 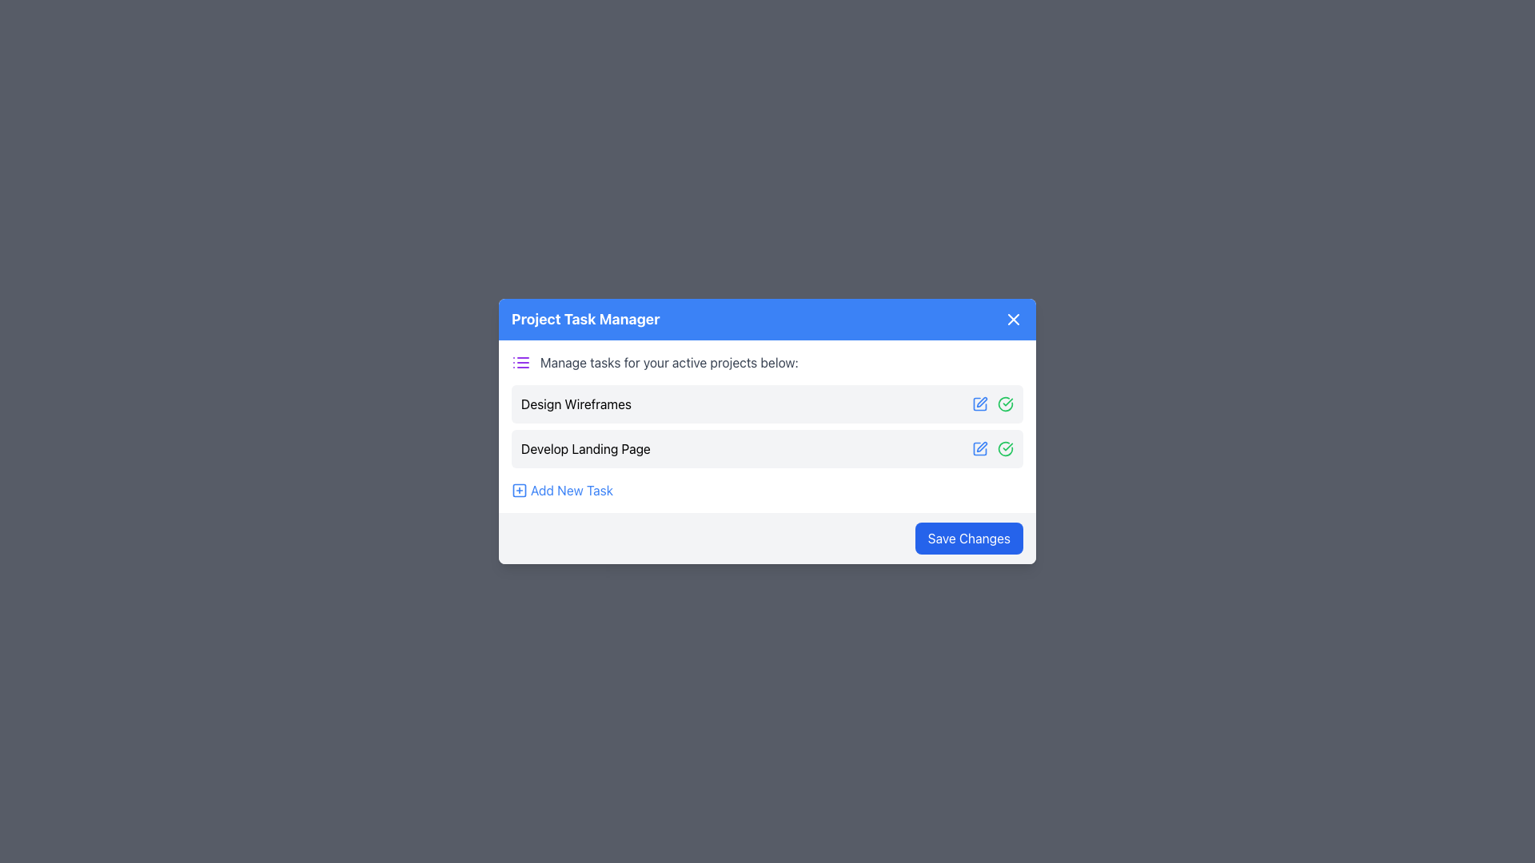 What do you see at coordinates (1004, 449) in the screenshot?
I see `the green checkmark icon located on the right side of the row labeled 'Design Wireframes'` at bounding box center [1004, 449].